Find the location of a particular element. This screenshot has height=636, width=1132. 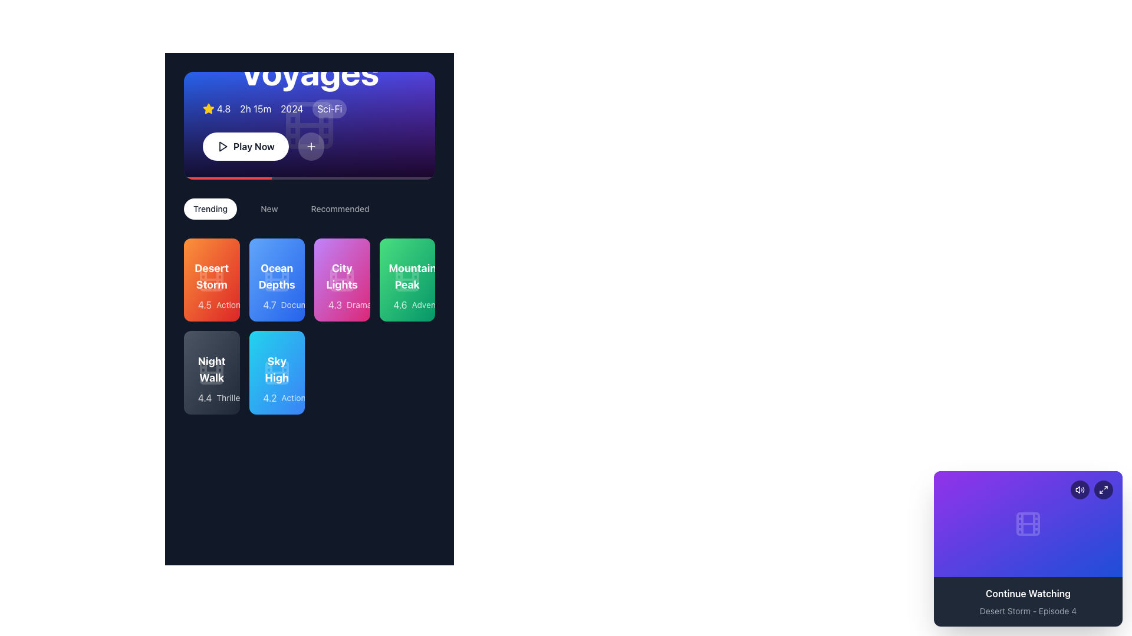

rating value '4.6' displayed in white color over a green background, which is near the label 'Adventure' in the 'Mountain Peak' card is located at coordinates (400, 304).